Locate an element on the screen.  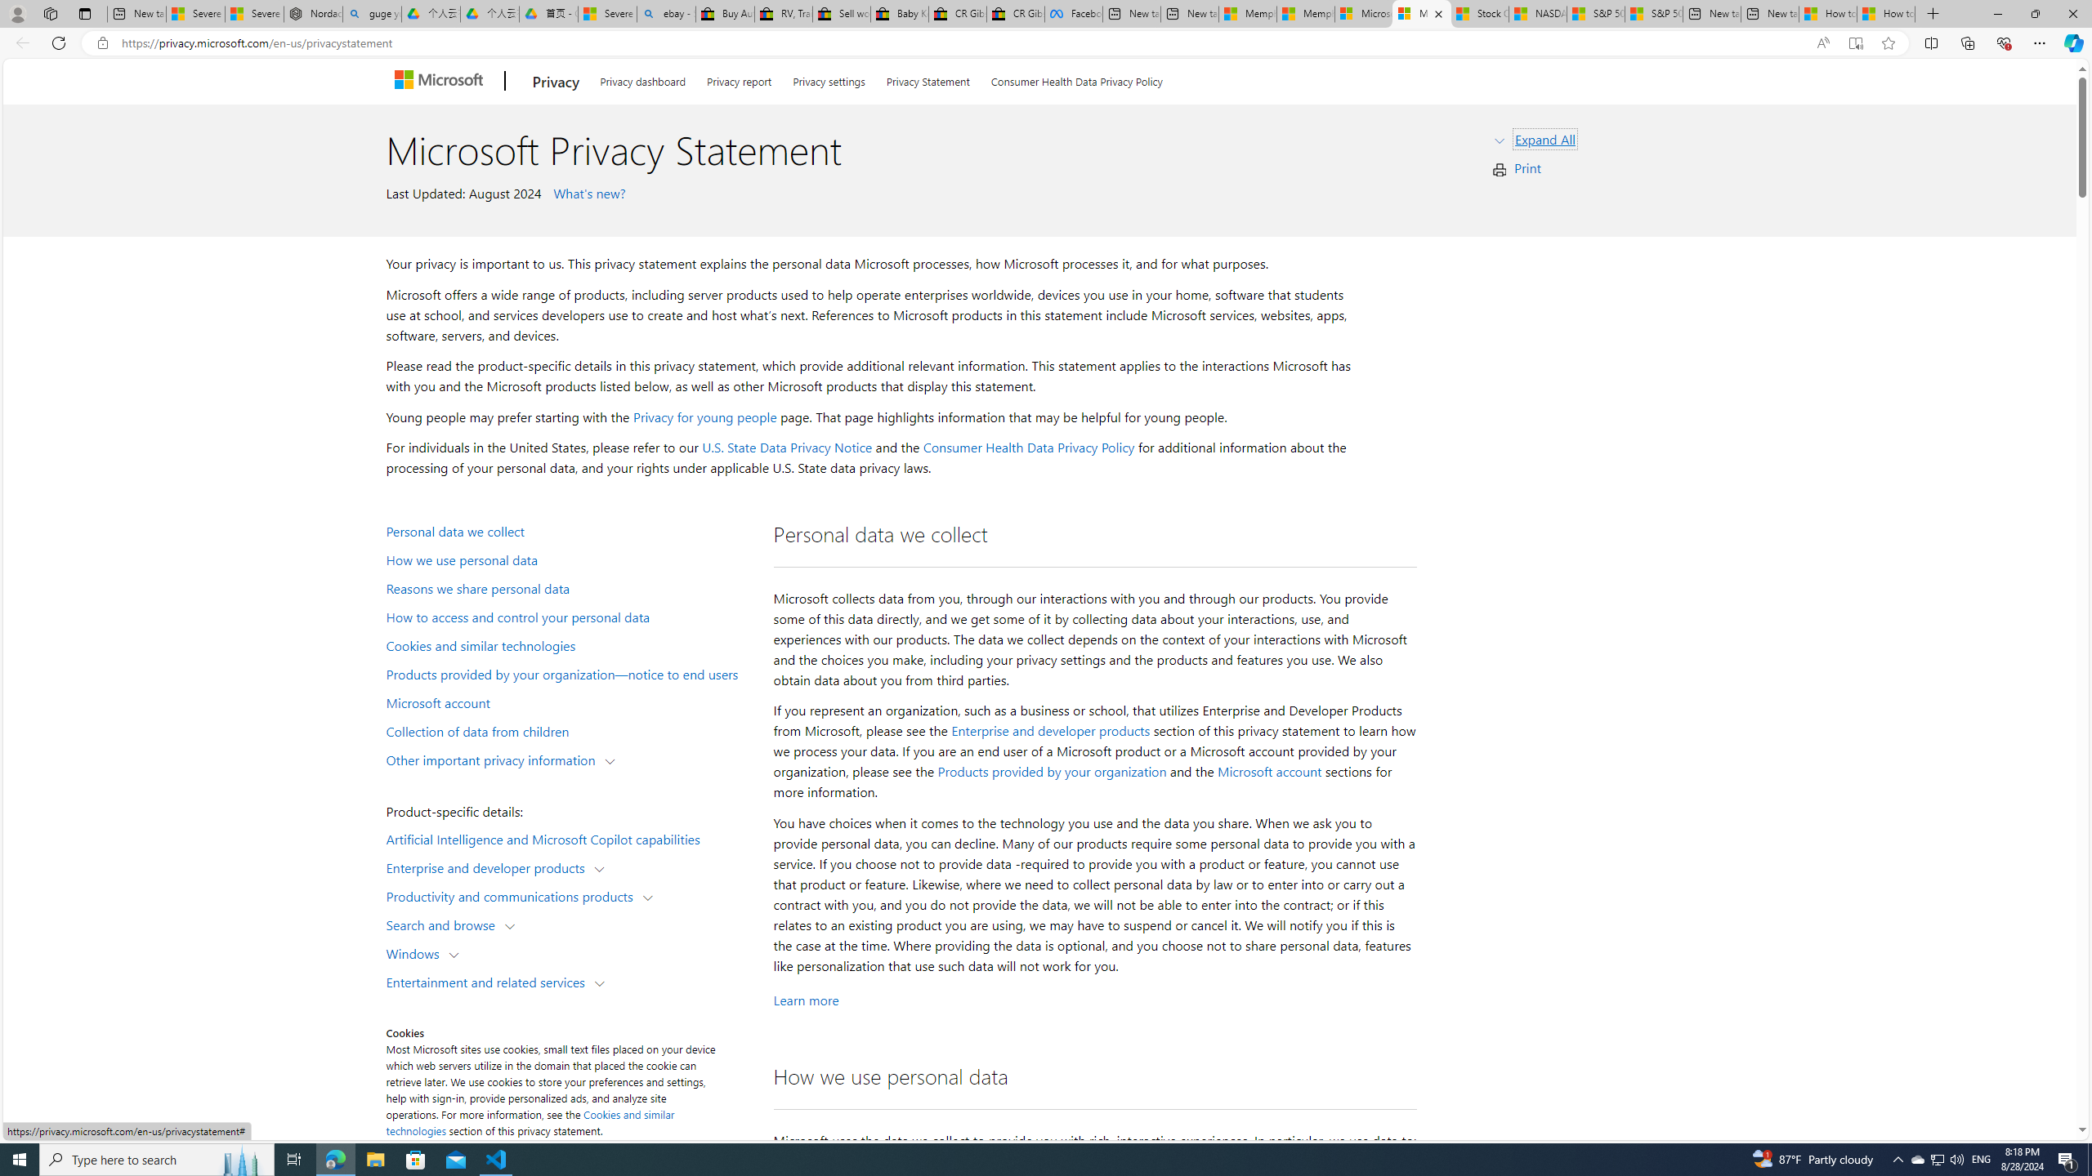
'Microsoft account' is located at coordinates (1269, 772).